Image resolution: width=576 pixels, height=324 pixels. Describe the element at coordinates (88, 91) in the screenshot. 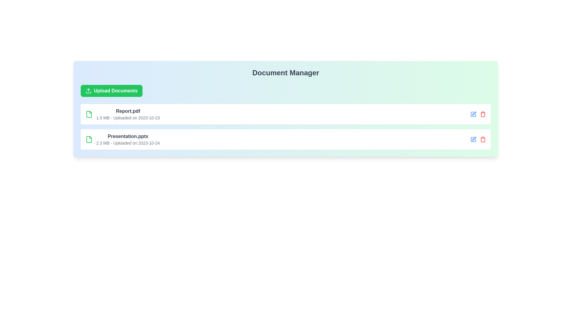

I see `the decorative upload icon located to the left of the 'Upload Documents' button, which features an upward arrow in a minimalistic design, situated within a green rectangular button in the file upload interface` at that location.